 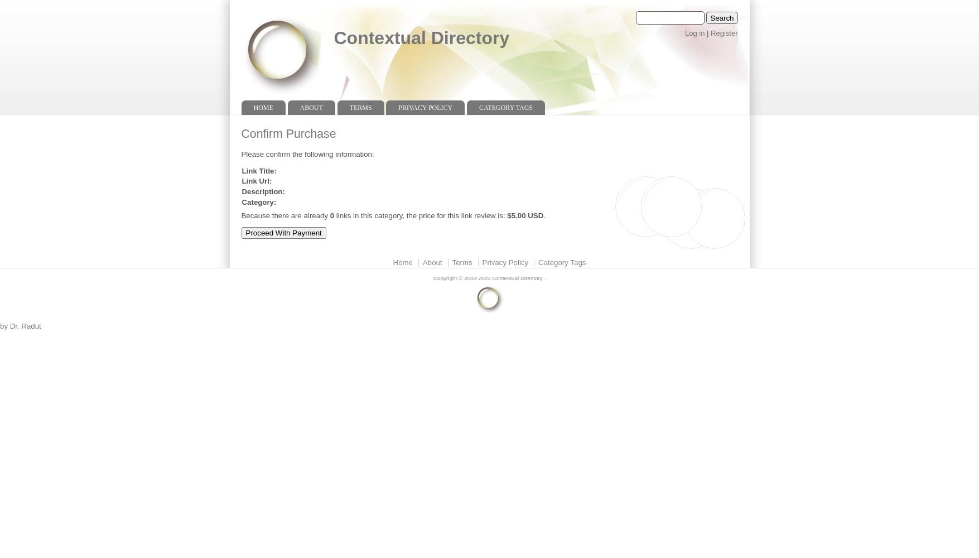 What do you see at coordinates (707, 33) in the screenshot?
I see `'|'` at bounding box center [707, 33].